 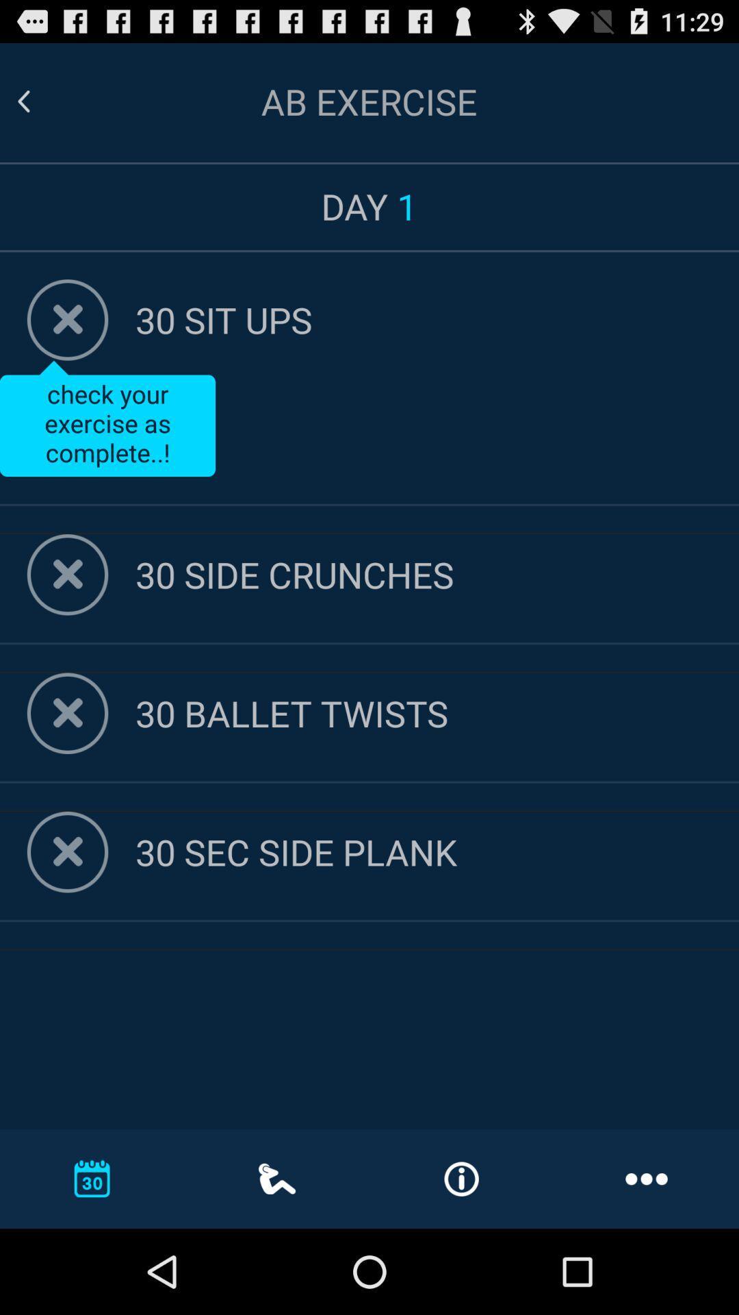 What do you see at coordinates (68, 575) in the screenshot?
I see `delete the entry` at bounding box center [68, 575].